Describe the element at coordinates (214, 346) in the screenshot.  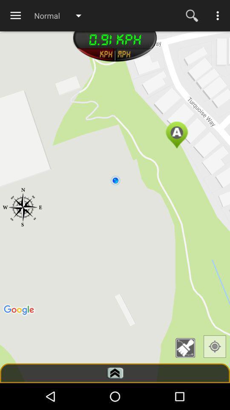
I see `locate position` at that location.